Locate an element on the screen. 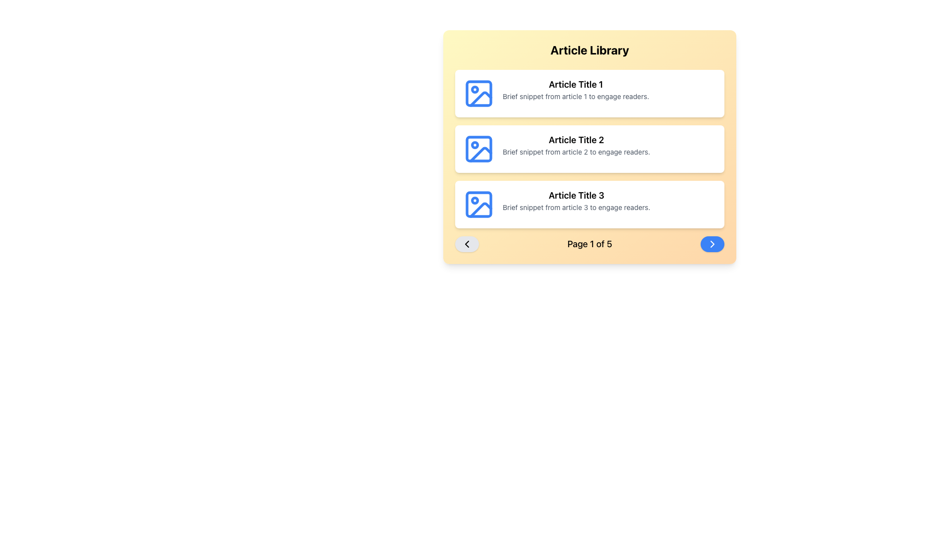  the stylized icon resembling a picture with a mountain and a sun, located on the left side of the third entry labeled 'Article Title 3' in the 'Article Library' section is located at coordinates (478, 204).